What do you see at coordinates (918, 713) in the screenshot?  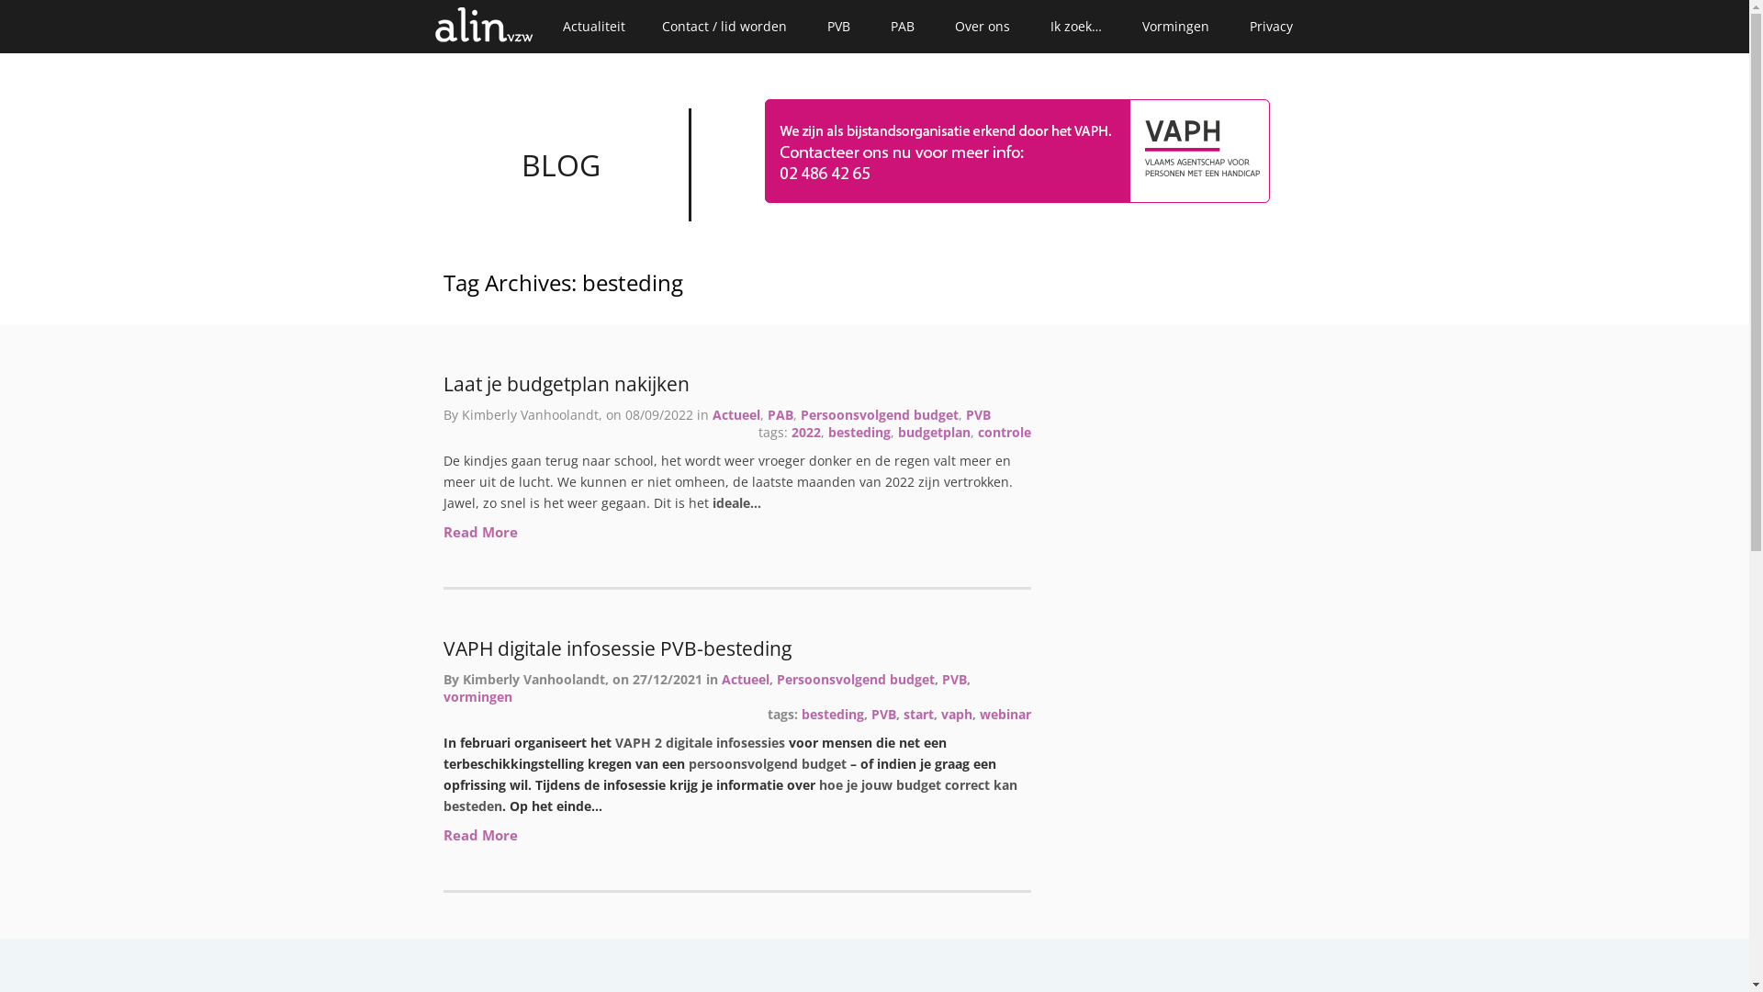 I see `'start'` at bounding box center [918, 713].